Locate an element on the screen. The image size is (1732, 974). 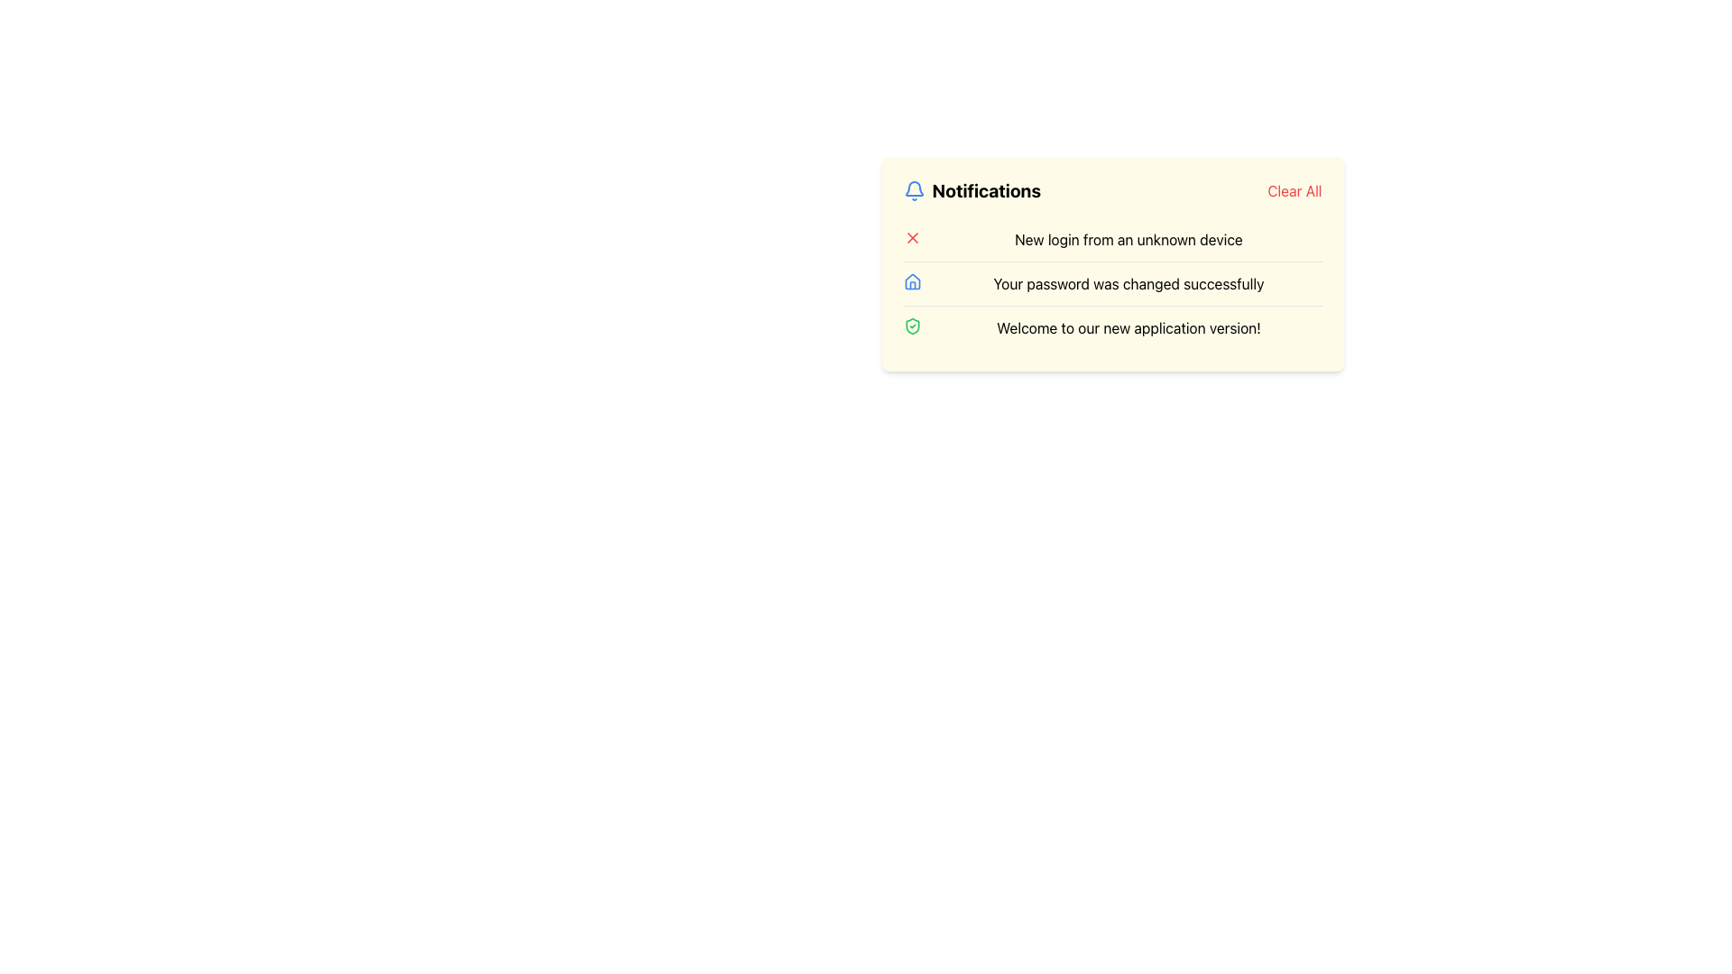
the second notification in the notification panel that displays the message 'Your password was changed successfully' is located at coordinates (1111, 283).